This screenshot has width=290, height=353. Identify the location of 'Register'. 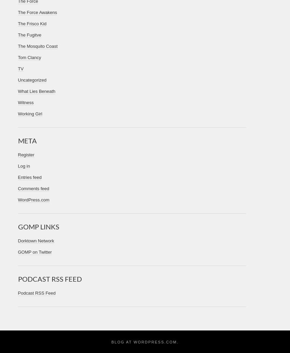
(26, 154).